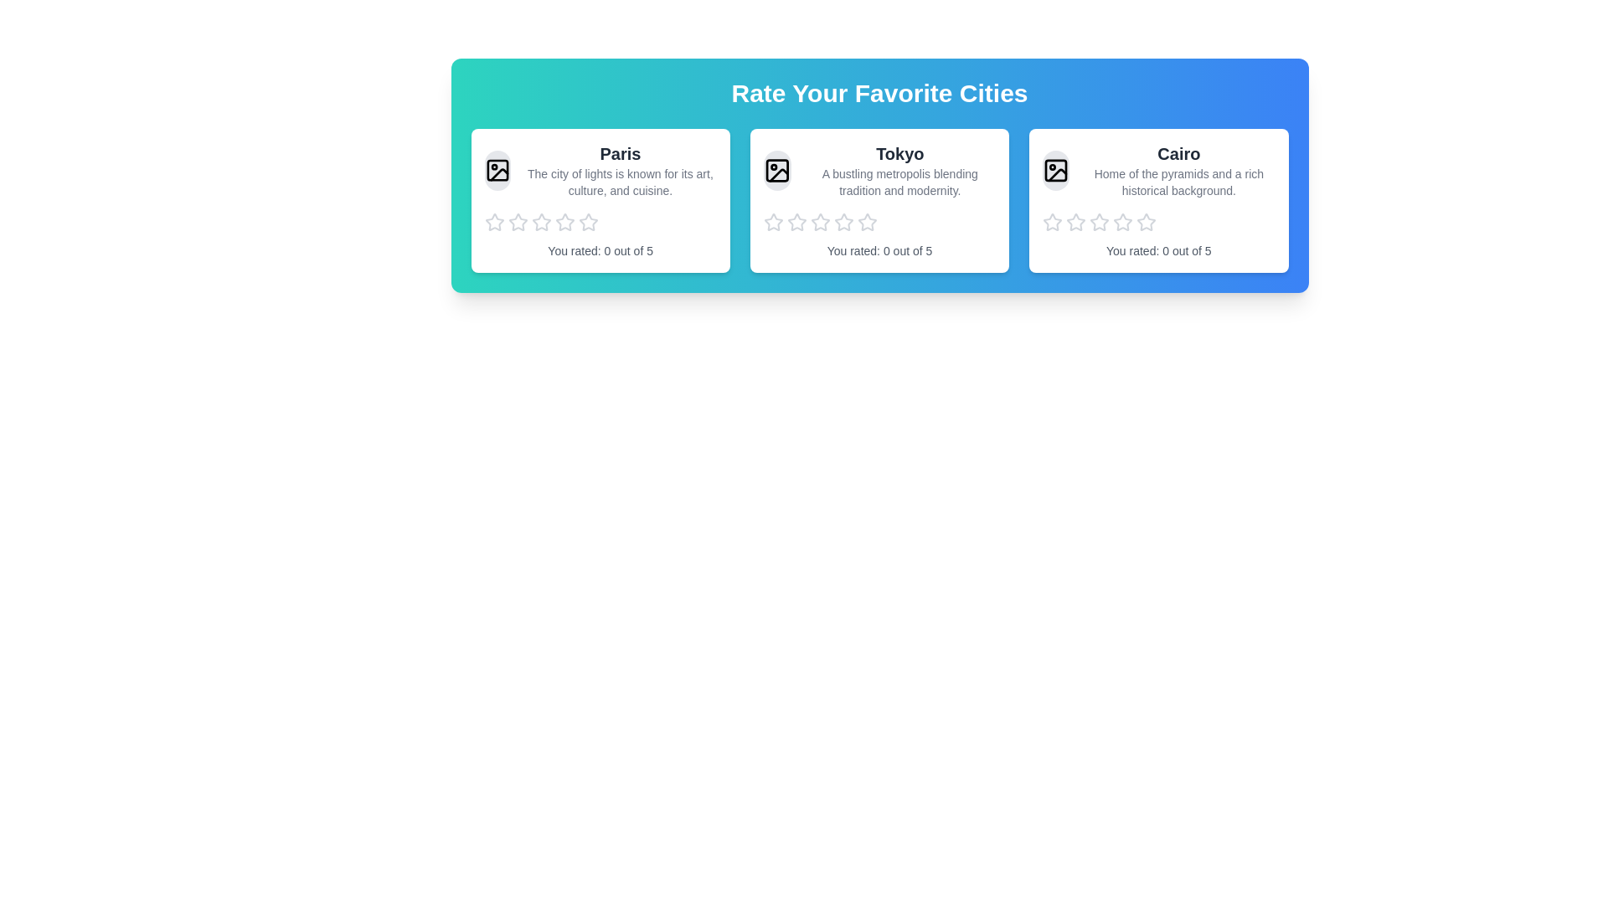 This screenshot has width=1608, height=904. I want to click on the first star icon in the rating component of the 'Cairo' card, which allows users to select a rating, so click(1052, 222).